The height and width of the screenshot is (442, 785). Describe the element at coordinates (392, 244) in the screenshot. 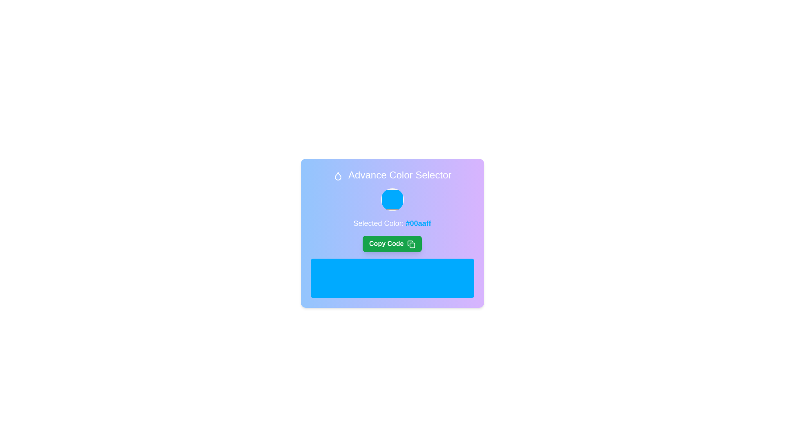

I see `the button that copies a specific code to the clipboard, located below the 'Selected Color: #00aaff' text and above a large blue rectangle` at that location.